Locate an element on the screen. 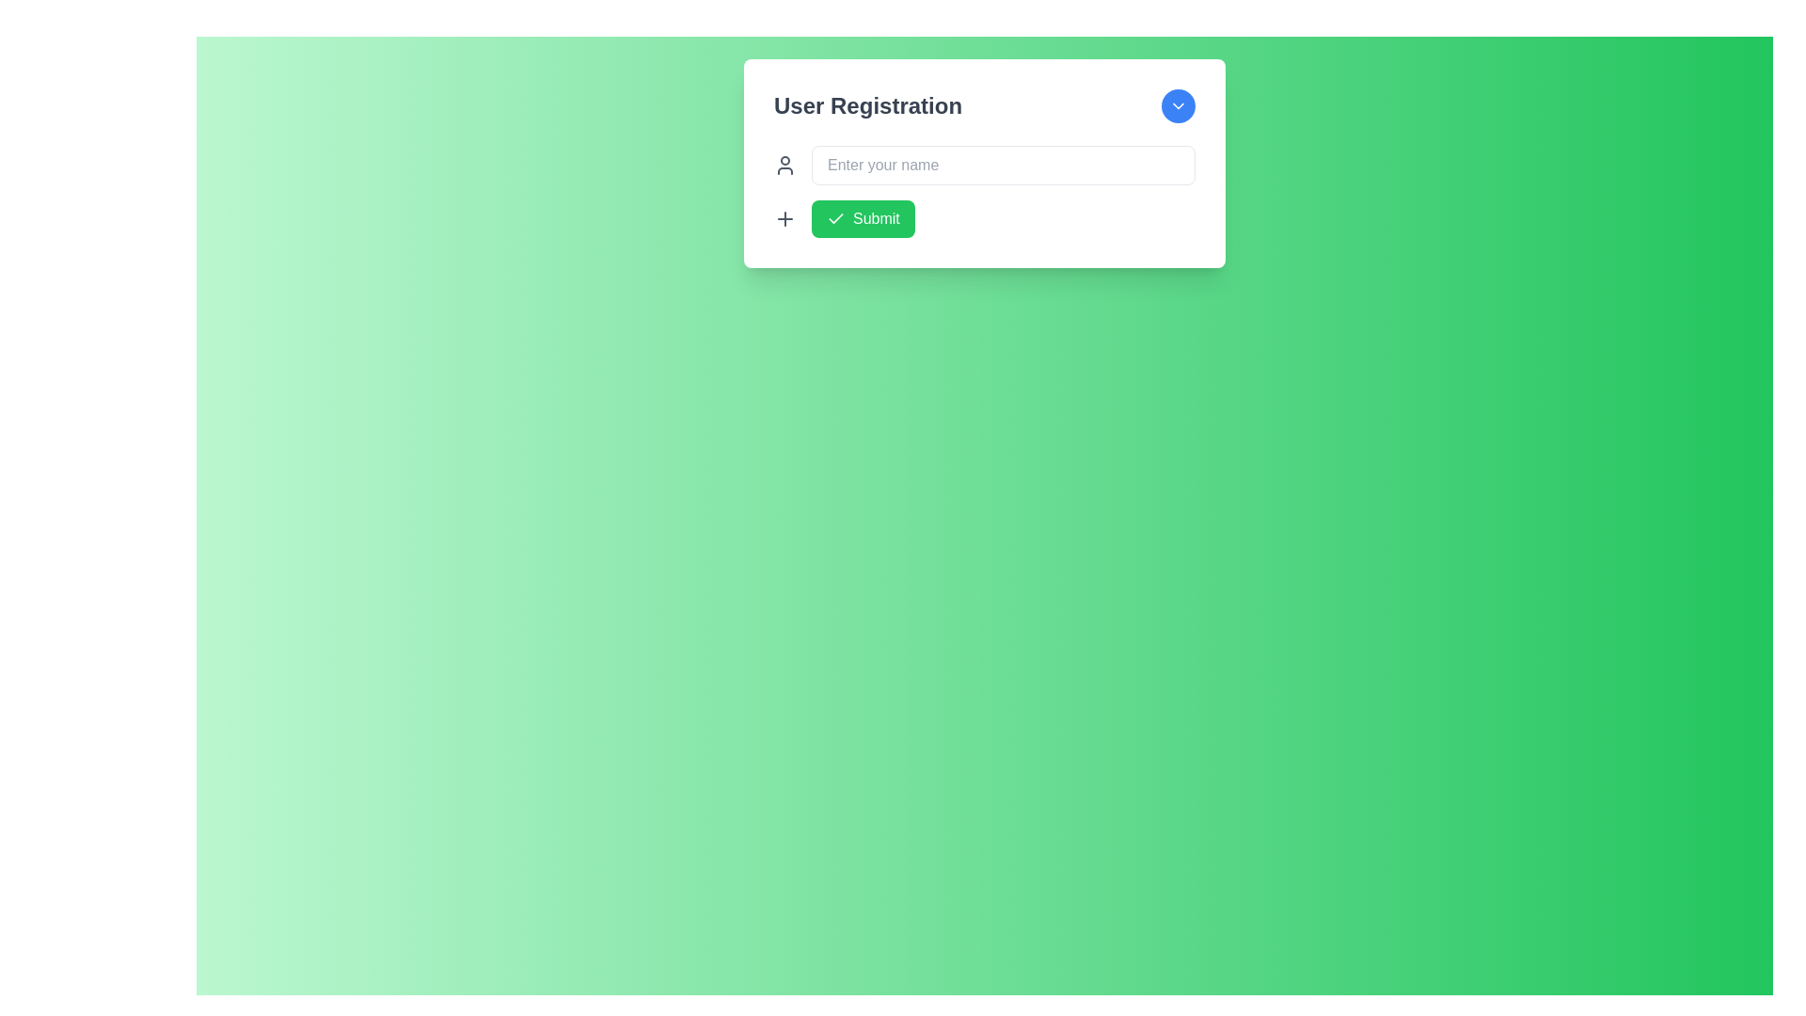 Image resolution: width=1806 pixels, height=1016 pixels. the downward chevron icon inside the circular button located in the top-right corner of the user registration card is located at coordinates (1177, 105).